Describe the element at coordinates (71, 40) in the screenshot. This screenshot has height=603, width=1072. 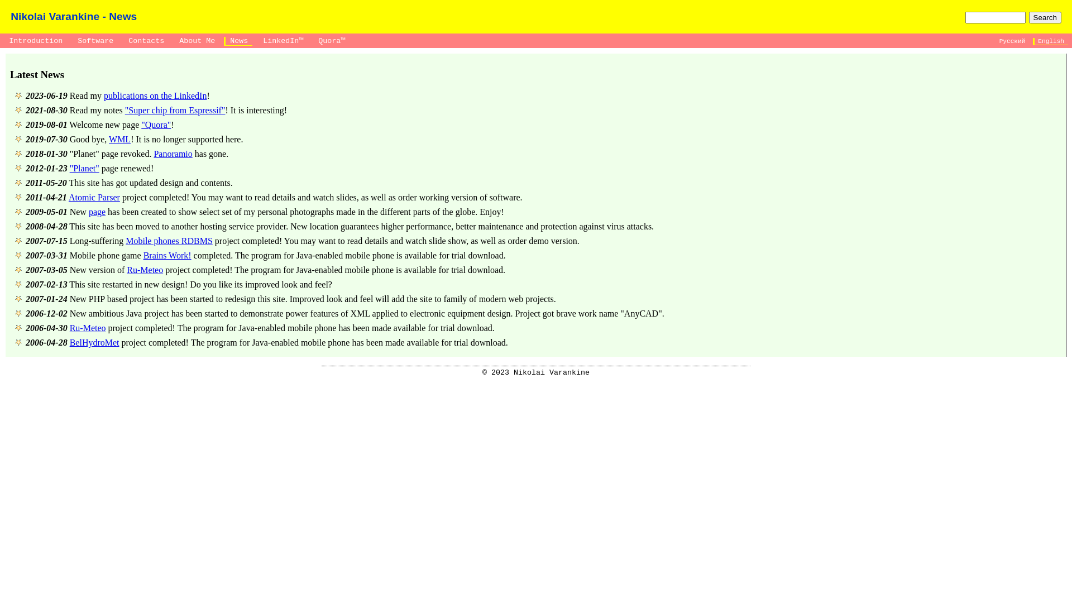
I see `' Software '` at that location.